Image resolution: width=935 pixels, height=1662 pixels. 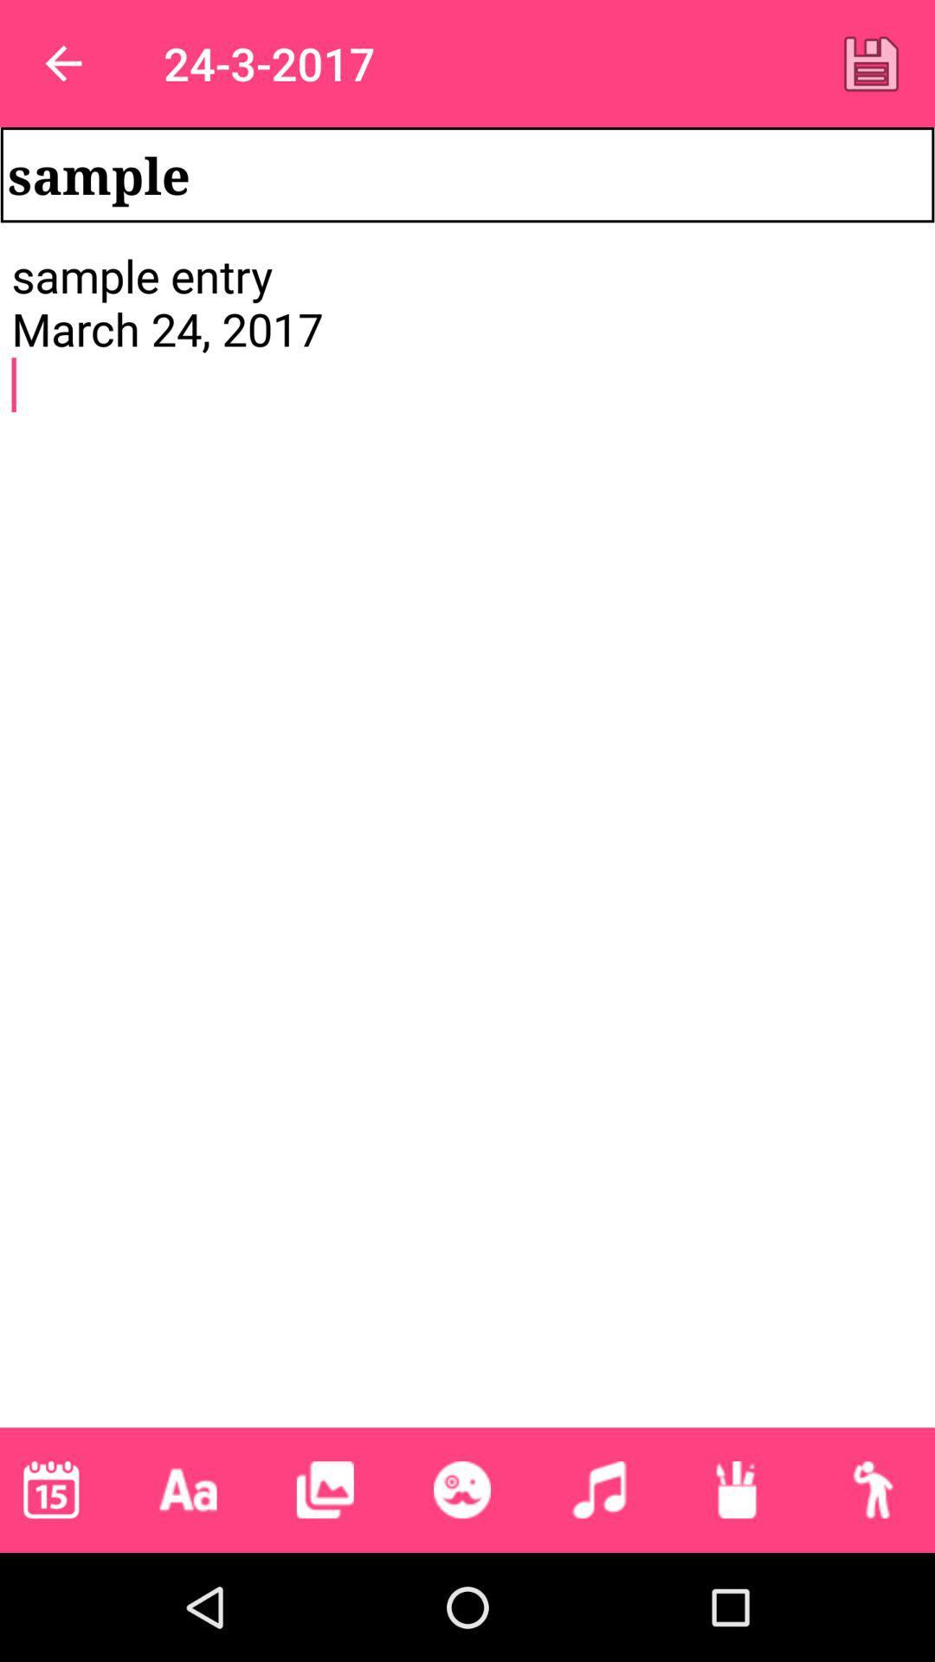 I want to click on the item at the top right corner, so click(x=871, y=63).